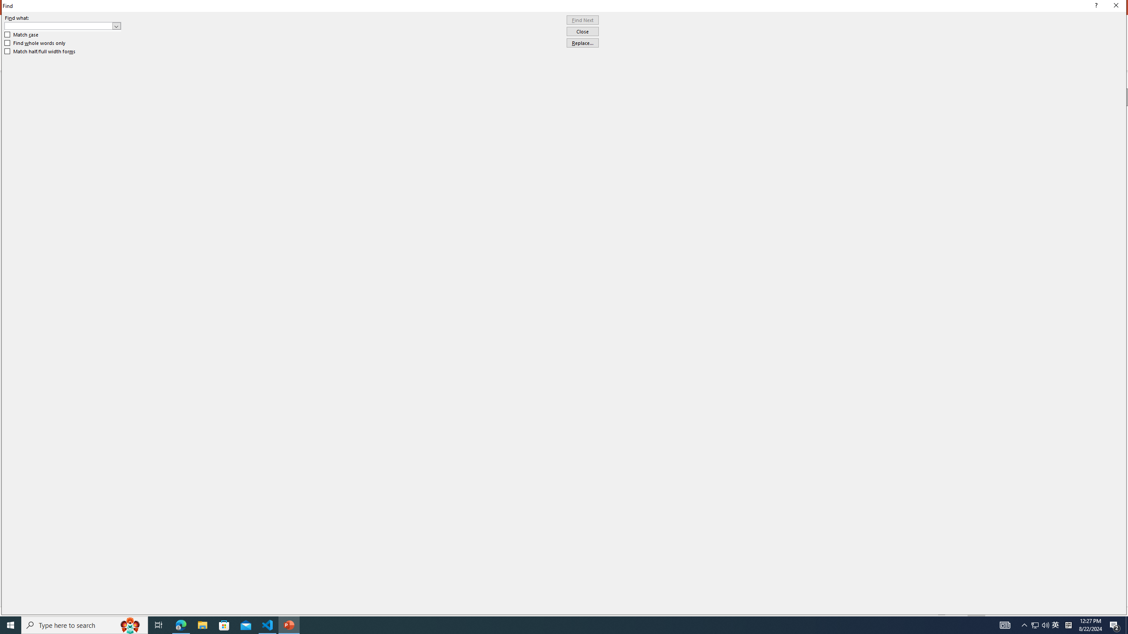 Image resolution: width=1128 pixels, height=634 pixels. What do you see at coordinates (582, 20) in the screenshot?
I see `'Find Next'` at bounding box center [582, 20].